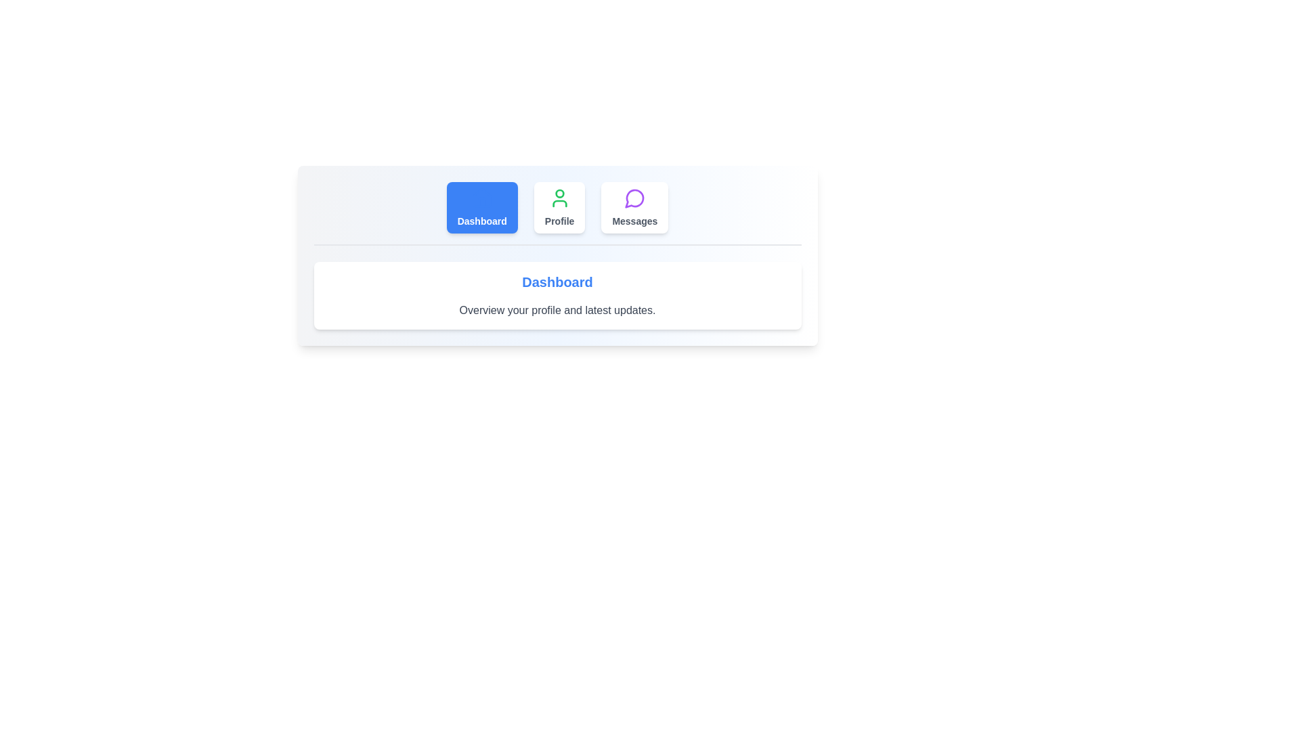 Image resolution: width=1300 pixels, height=731 pixels. Describe the element at coordinates (634, 208) in the screenshot. I see `the Messages tab by clicking its corresponding button` at that location.